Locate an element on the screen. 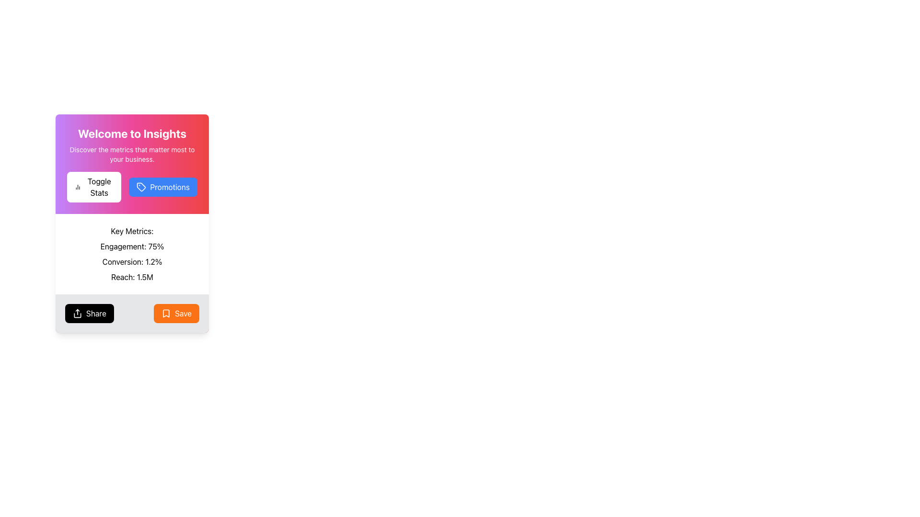  the text display that reads 'Engagement: 75%', which is located directly below the 'Key Metrics:' heading and aligned to the left is located at coordinates (131, 246).